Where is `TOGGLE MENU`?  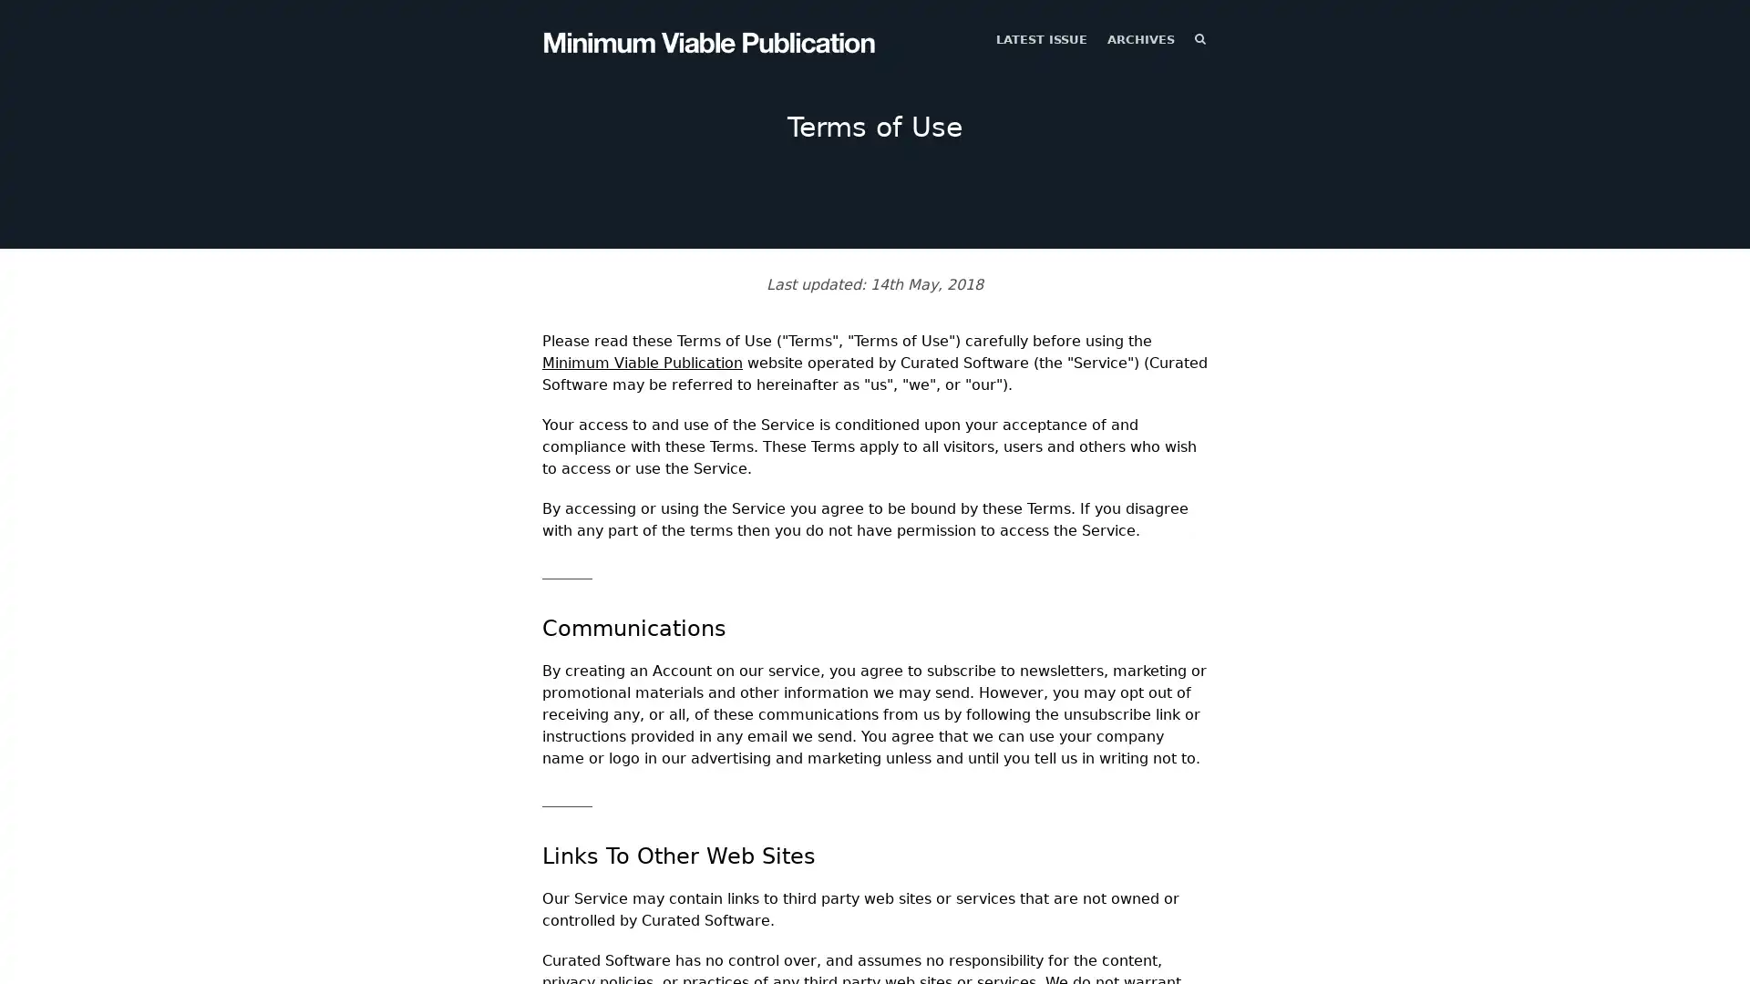
TOGGLE MENU is located at coordinates (545, 4).